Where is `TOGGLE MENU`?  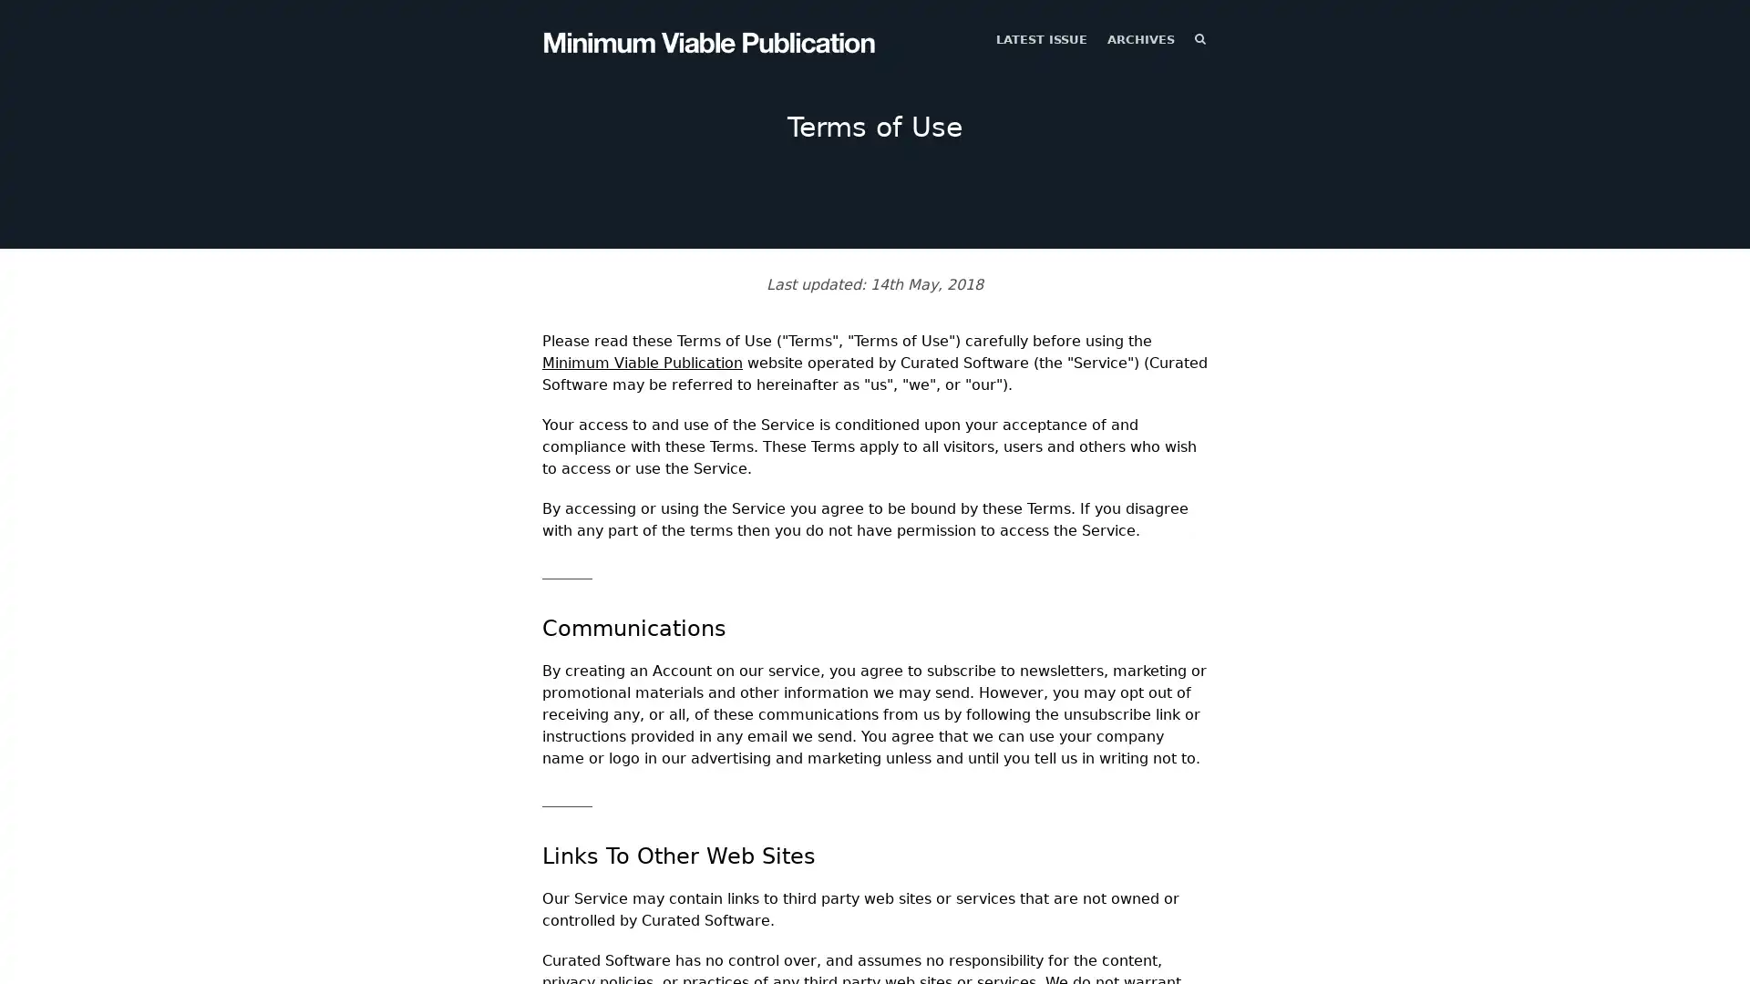
TOGGLE MENU is located at coordinates (545, 4).